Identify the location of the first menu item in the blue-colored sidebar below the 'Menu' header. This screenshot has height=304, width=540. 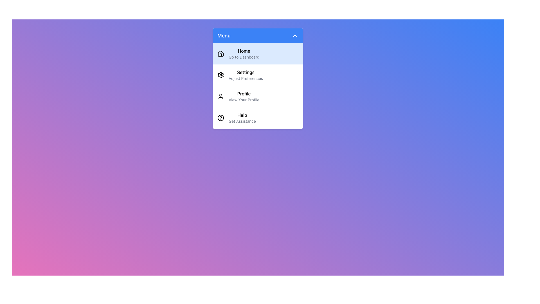
(244, 54).